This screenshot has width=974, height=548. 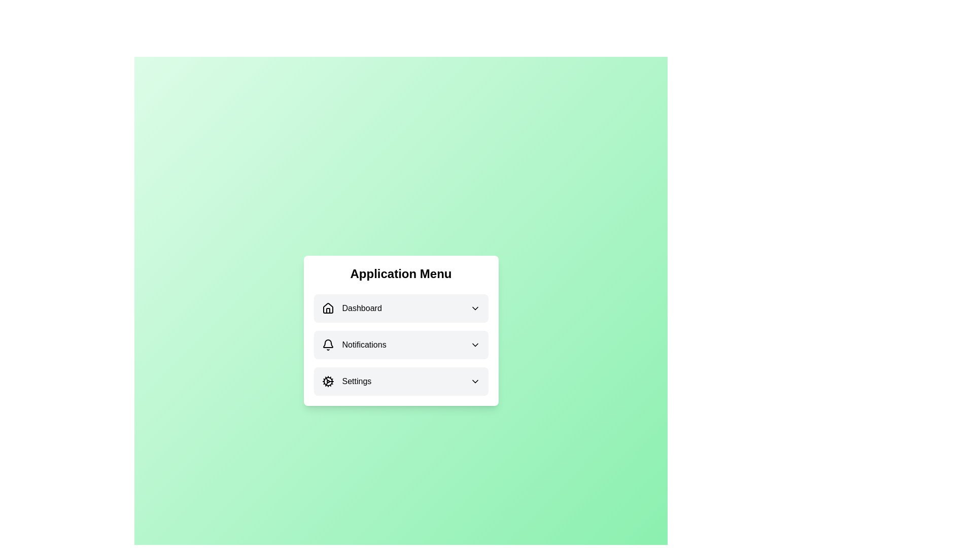 I want to click on the 'Settings' menu item, which features a gear icon and is the third item in the Application Menu, so click(x=346, y=382).